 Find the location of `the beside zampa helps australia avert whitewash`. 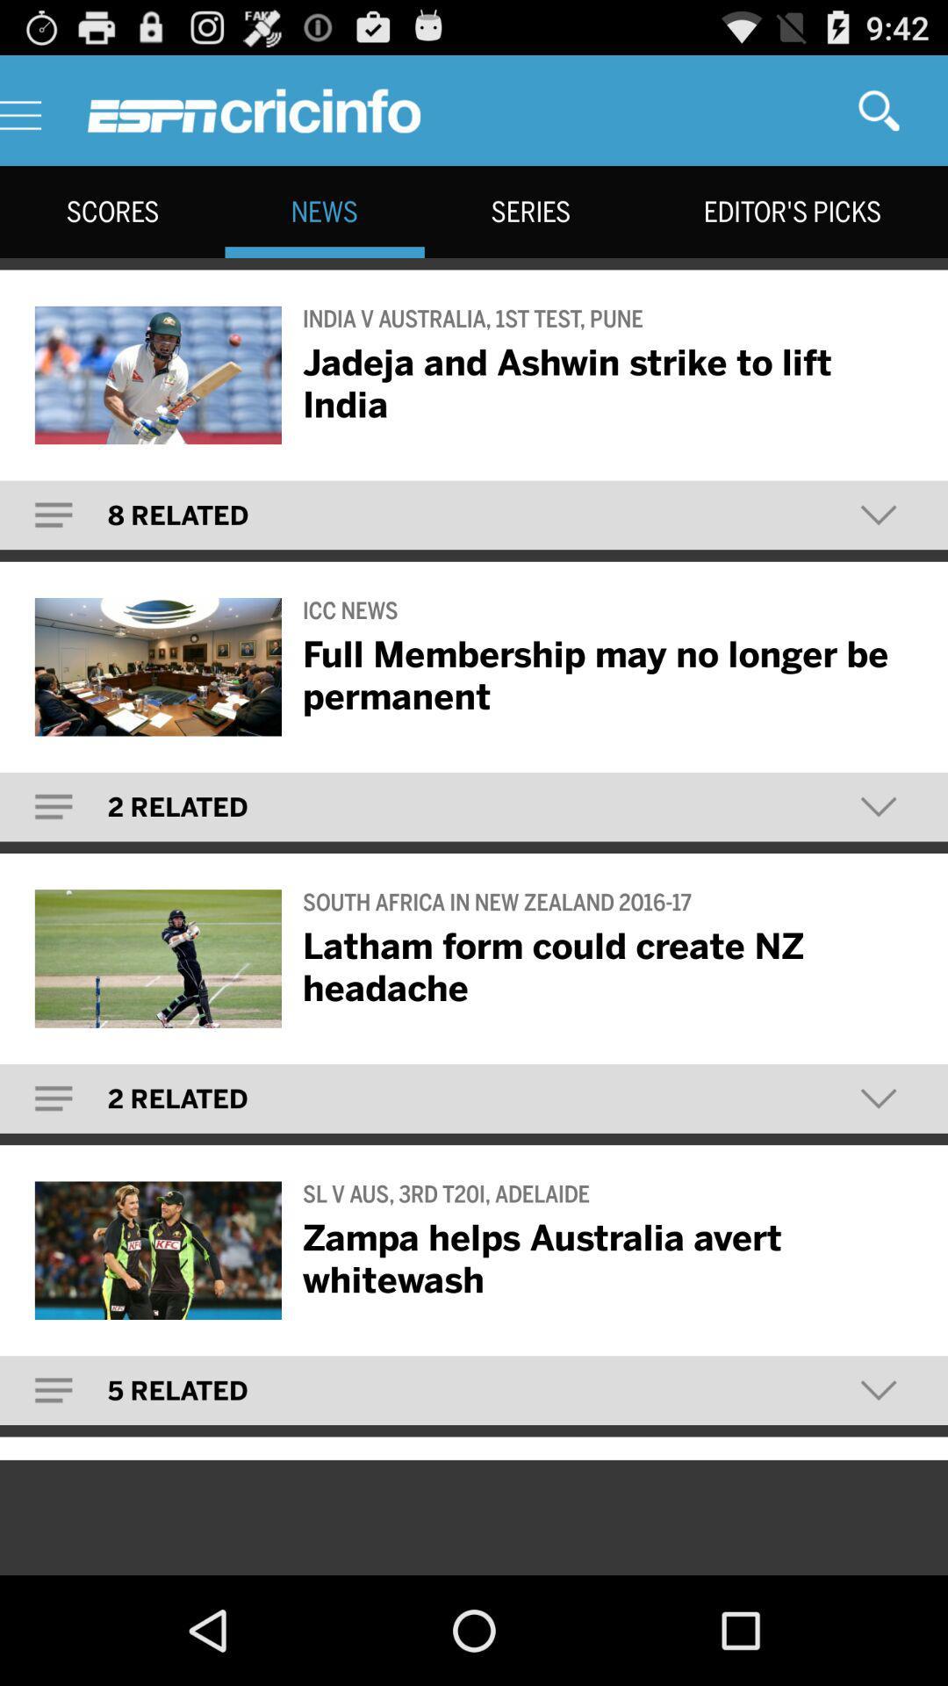

the beside zampa helps australia avert whitewash is located at coordinates (158, 1250).